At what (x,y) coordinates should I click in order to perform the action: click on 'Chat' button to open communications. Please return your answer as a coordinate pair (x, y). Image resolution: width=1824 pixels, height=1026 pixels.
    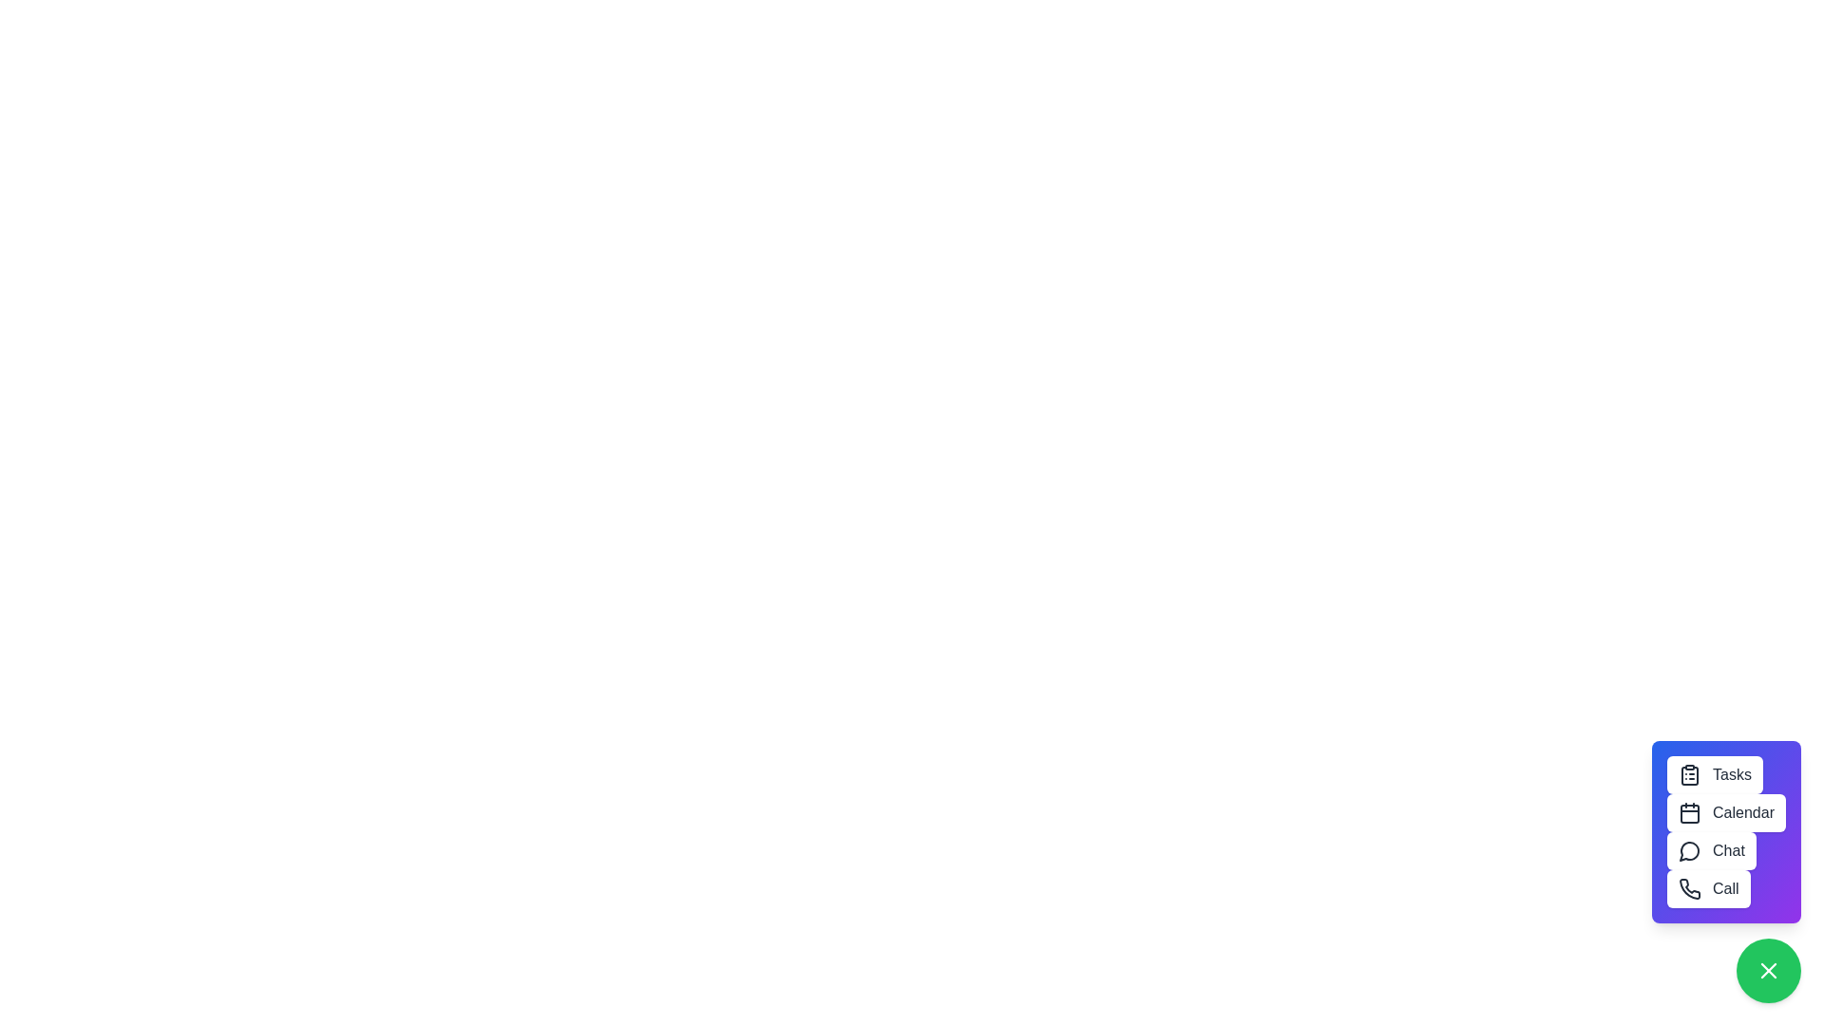
    Looking at the image, I should click on (1711, 849).